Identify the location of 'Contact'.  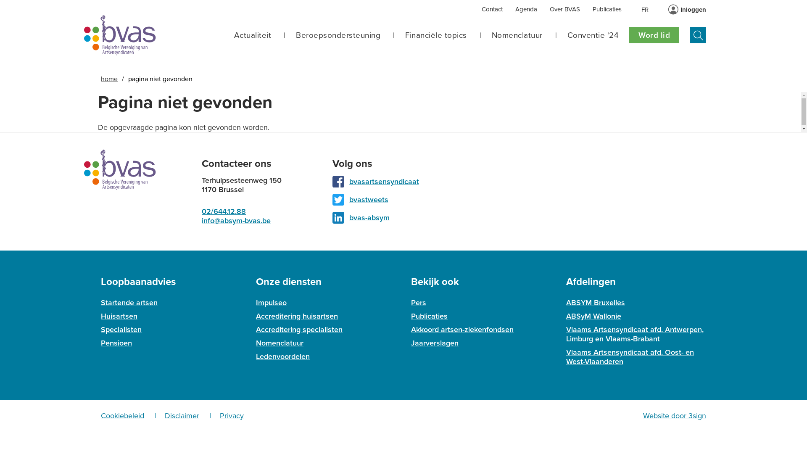
(492, 10).